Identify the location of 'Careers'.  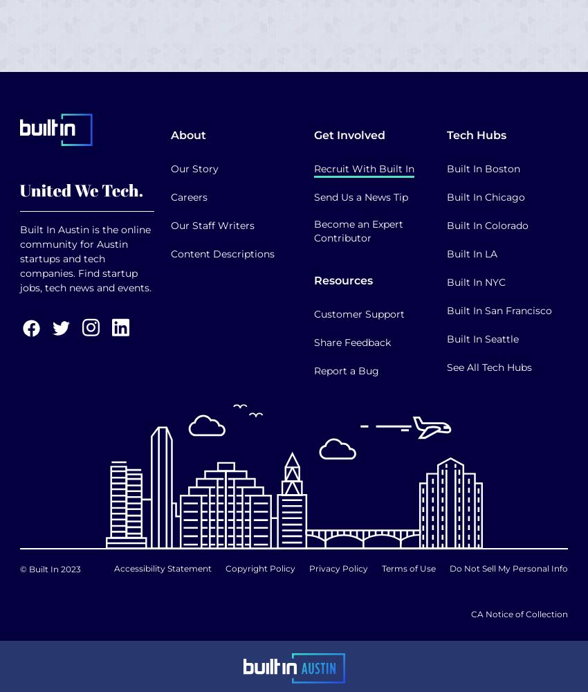
(188, 197).